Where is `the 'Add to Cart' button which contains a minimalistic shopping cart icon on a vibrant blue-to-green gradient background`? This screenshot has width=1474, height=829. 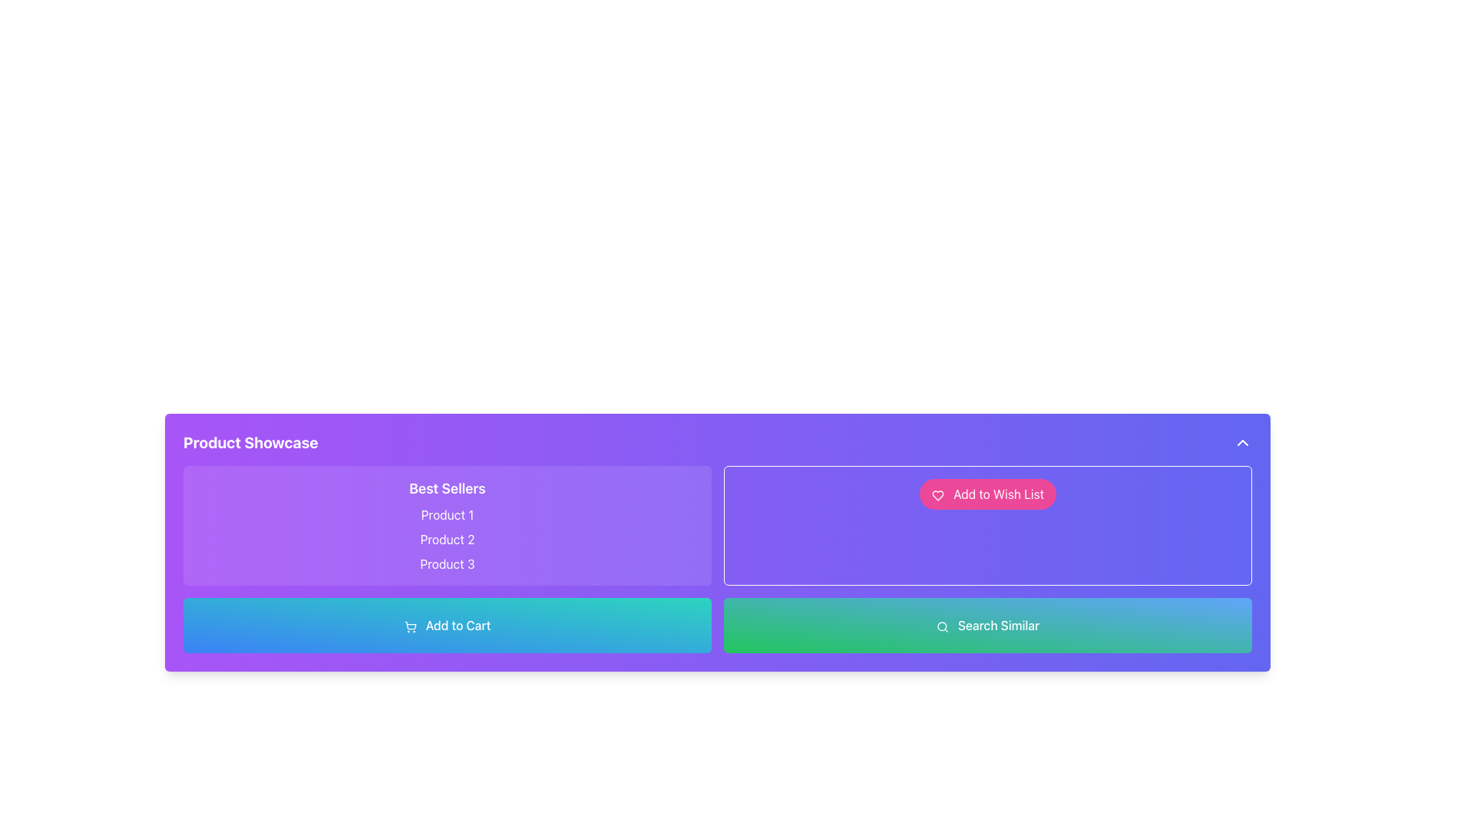 the 'Add to Cart' button which contains a minimalistic shopping cart icon on a vibrant blue-to-green gradient background is located at coordinates (410, 625).